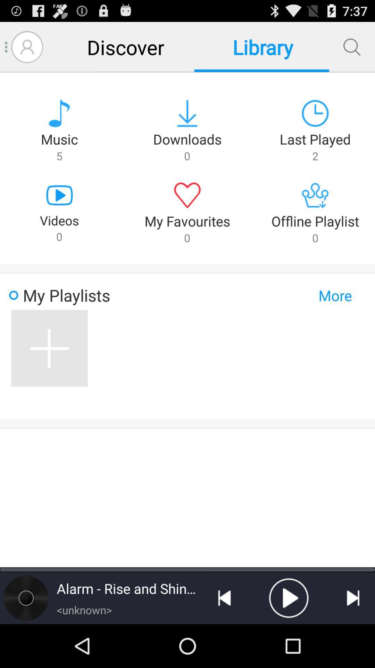  Describe the element at coordinates (224, 597) in the screenshot. I see `rewind option` at that location.